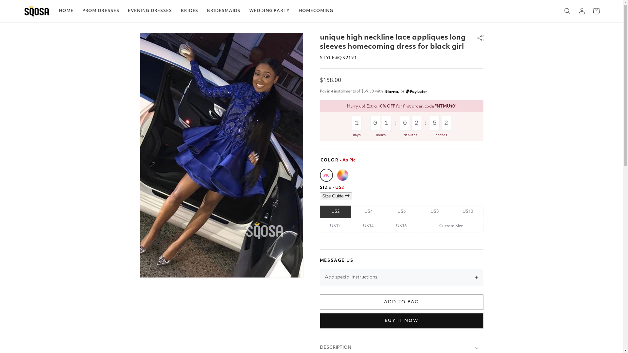 This screenshot has width=628, height=353. What do you see at coordinates (149, 11) in the screenshot?
I see `'EVENING DRESSES'` at bounding box center [149, 11].